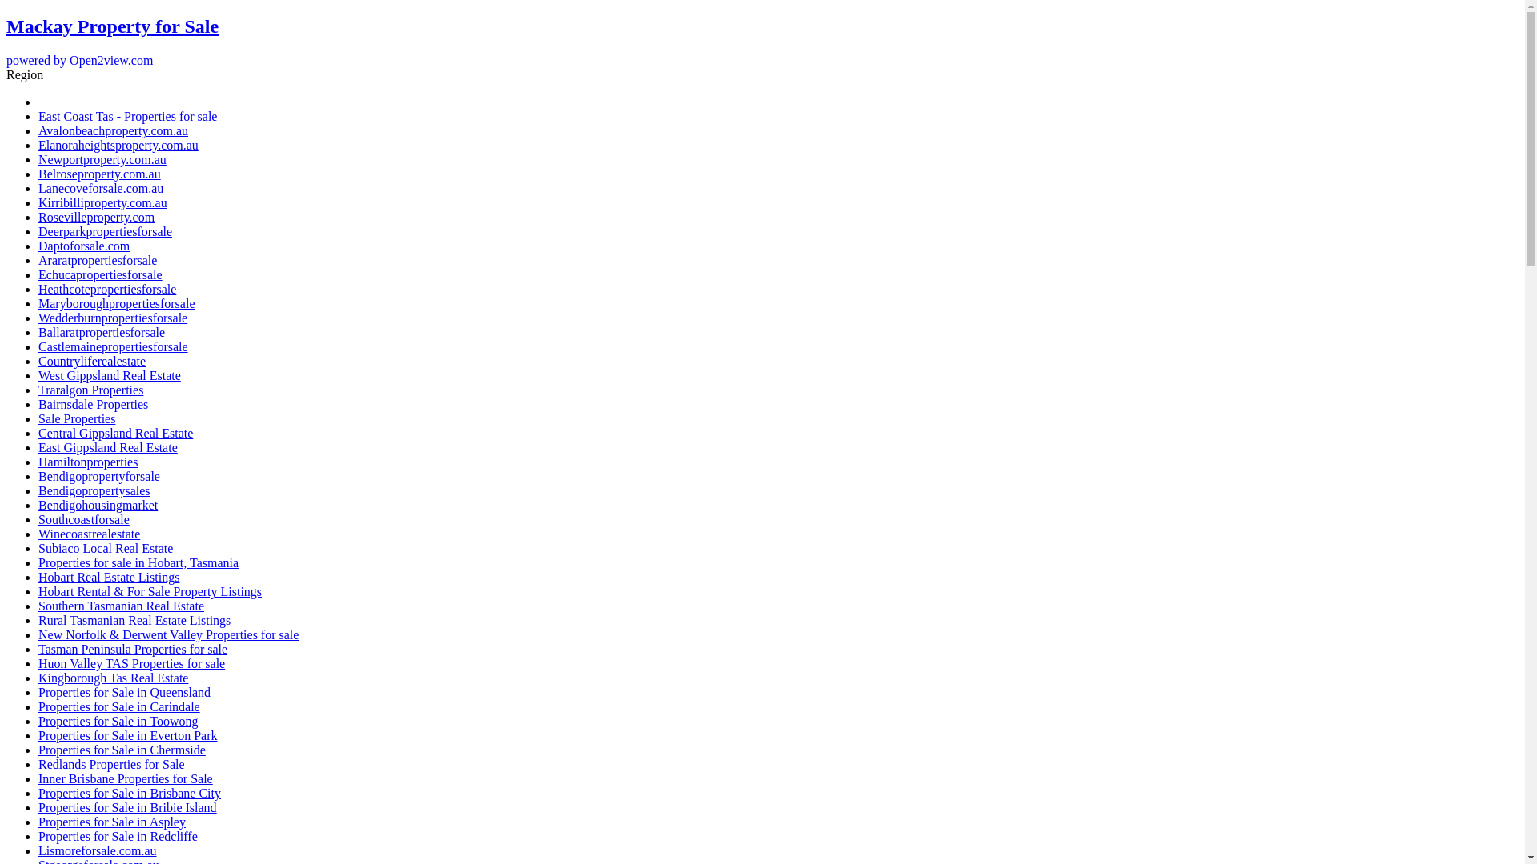 The height and width of the screenshot is (864, 1537). Describe the element at coordinates (38, 778) in the screenshot. I see `'Inner Brisbane Properties for Sale'` at that location.